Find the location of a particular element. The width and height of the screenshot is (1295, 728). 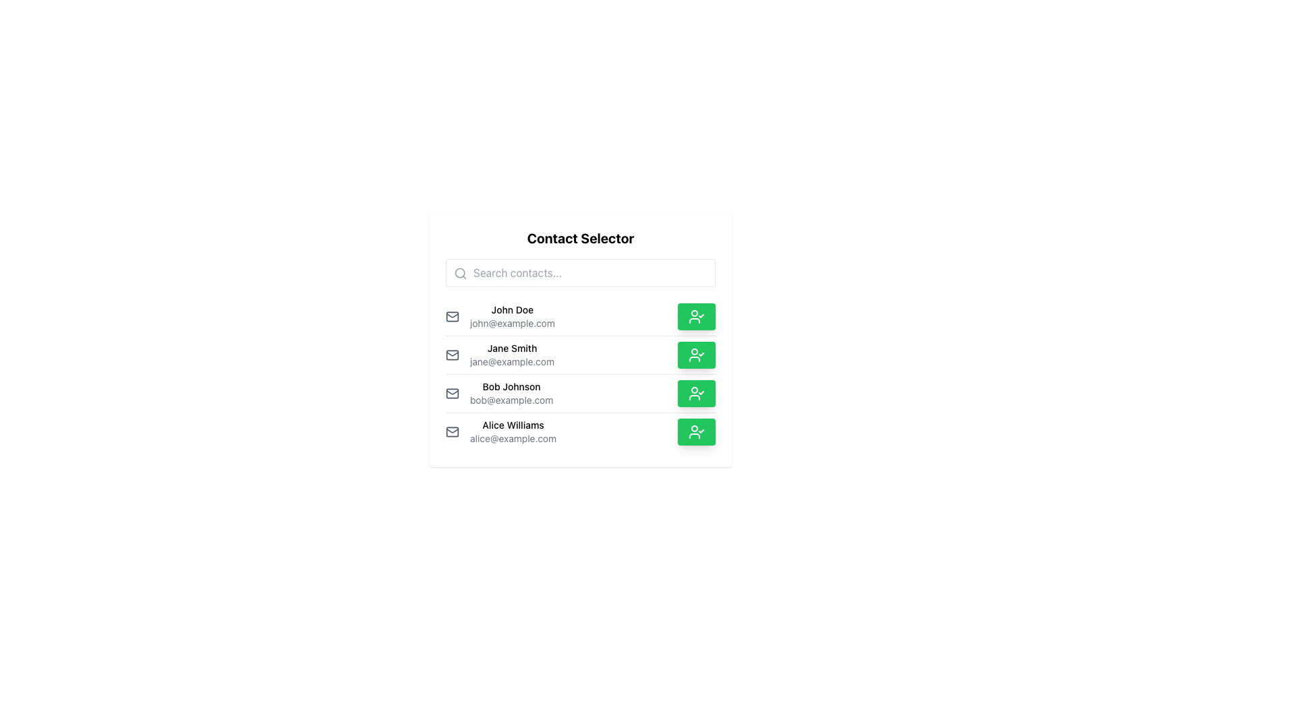

text displayed in the second contact entry, which shows 'Jane Smith' above 'jane@example.com' is located at coordinates (511, 355).